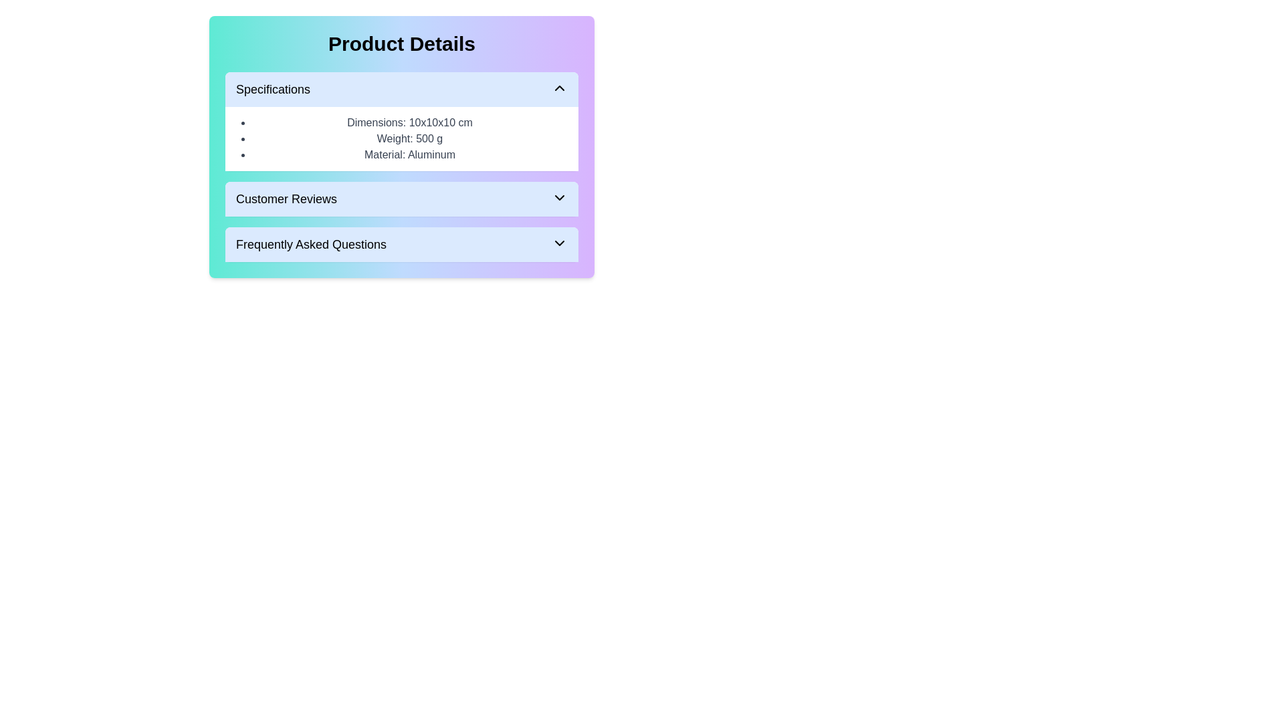 This screenshot has width=1284, height=722. I want to click on the text label displaying 'Material: Aluminum', which is the third item in the bullet-pointed list under the 'Specifications' section, so click(409, 154).